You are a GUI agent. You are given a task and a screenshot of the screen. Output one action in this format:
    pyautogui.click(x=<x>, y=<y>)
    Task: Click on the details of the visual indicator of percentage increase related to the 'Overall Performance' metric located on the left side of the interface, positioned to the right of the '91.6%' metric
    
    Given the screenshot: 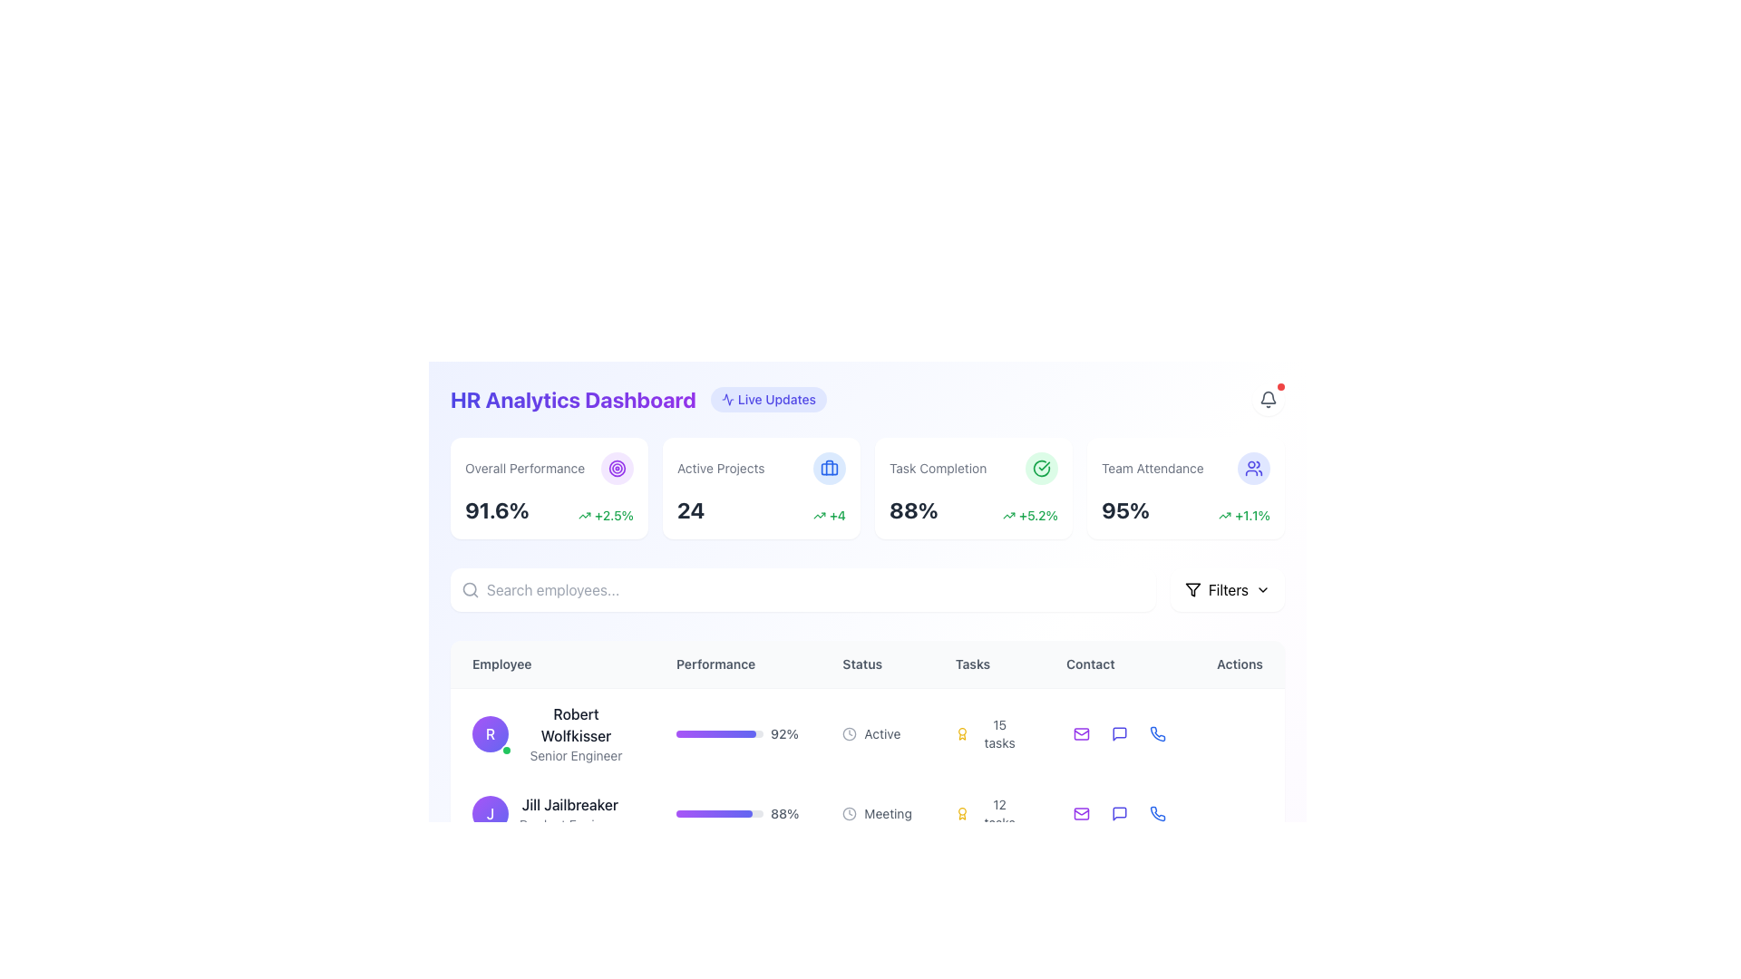 What is the action you would take?
    pyautogui.click(x=606, y=516)
    